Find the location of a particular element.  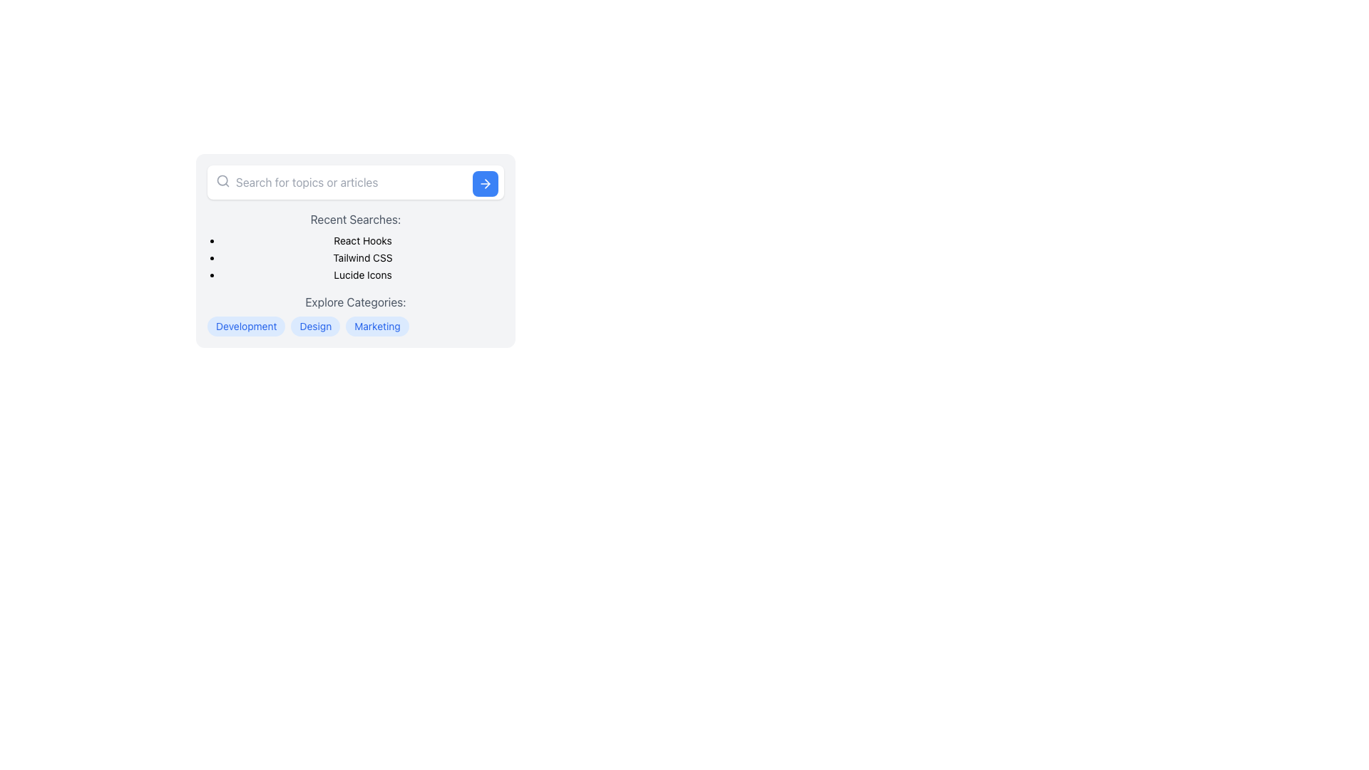

the text display element that shows 'Tailwind CSS', which is the second item in the vertical list of recent searches is located at coordinates (362, 258).